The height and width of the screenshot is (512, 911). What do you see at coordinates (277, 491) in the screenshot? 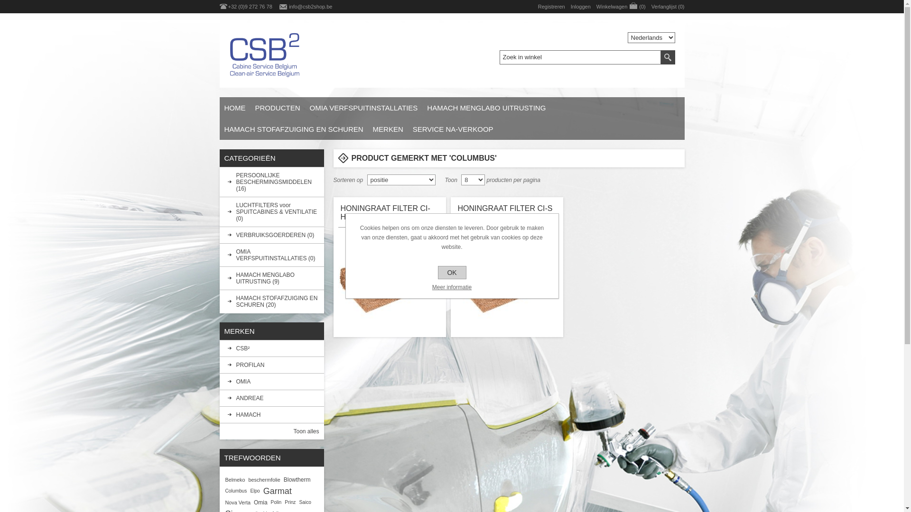
I see `'Garmat'` at bounding box center [277, 491].